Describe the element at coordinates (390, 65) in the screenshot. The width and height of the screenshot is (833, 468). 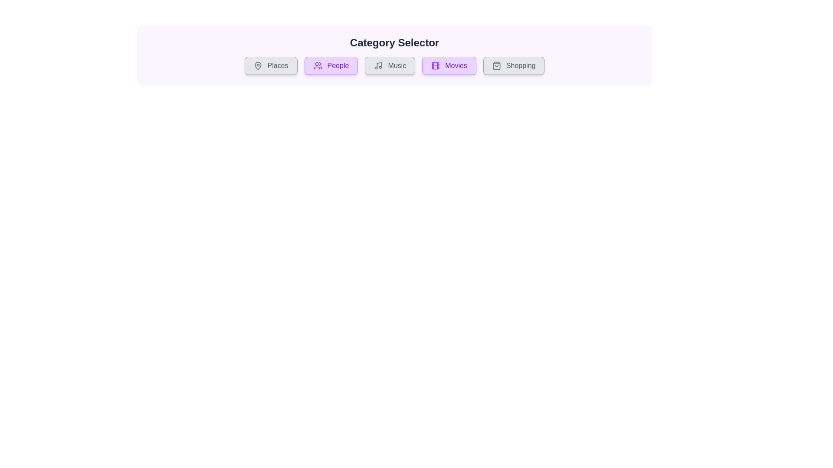
I see `the category button labeled Music to toggle its selection state` at that location.